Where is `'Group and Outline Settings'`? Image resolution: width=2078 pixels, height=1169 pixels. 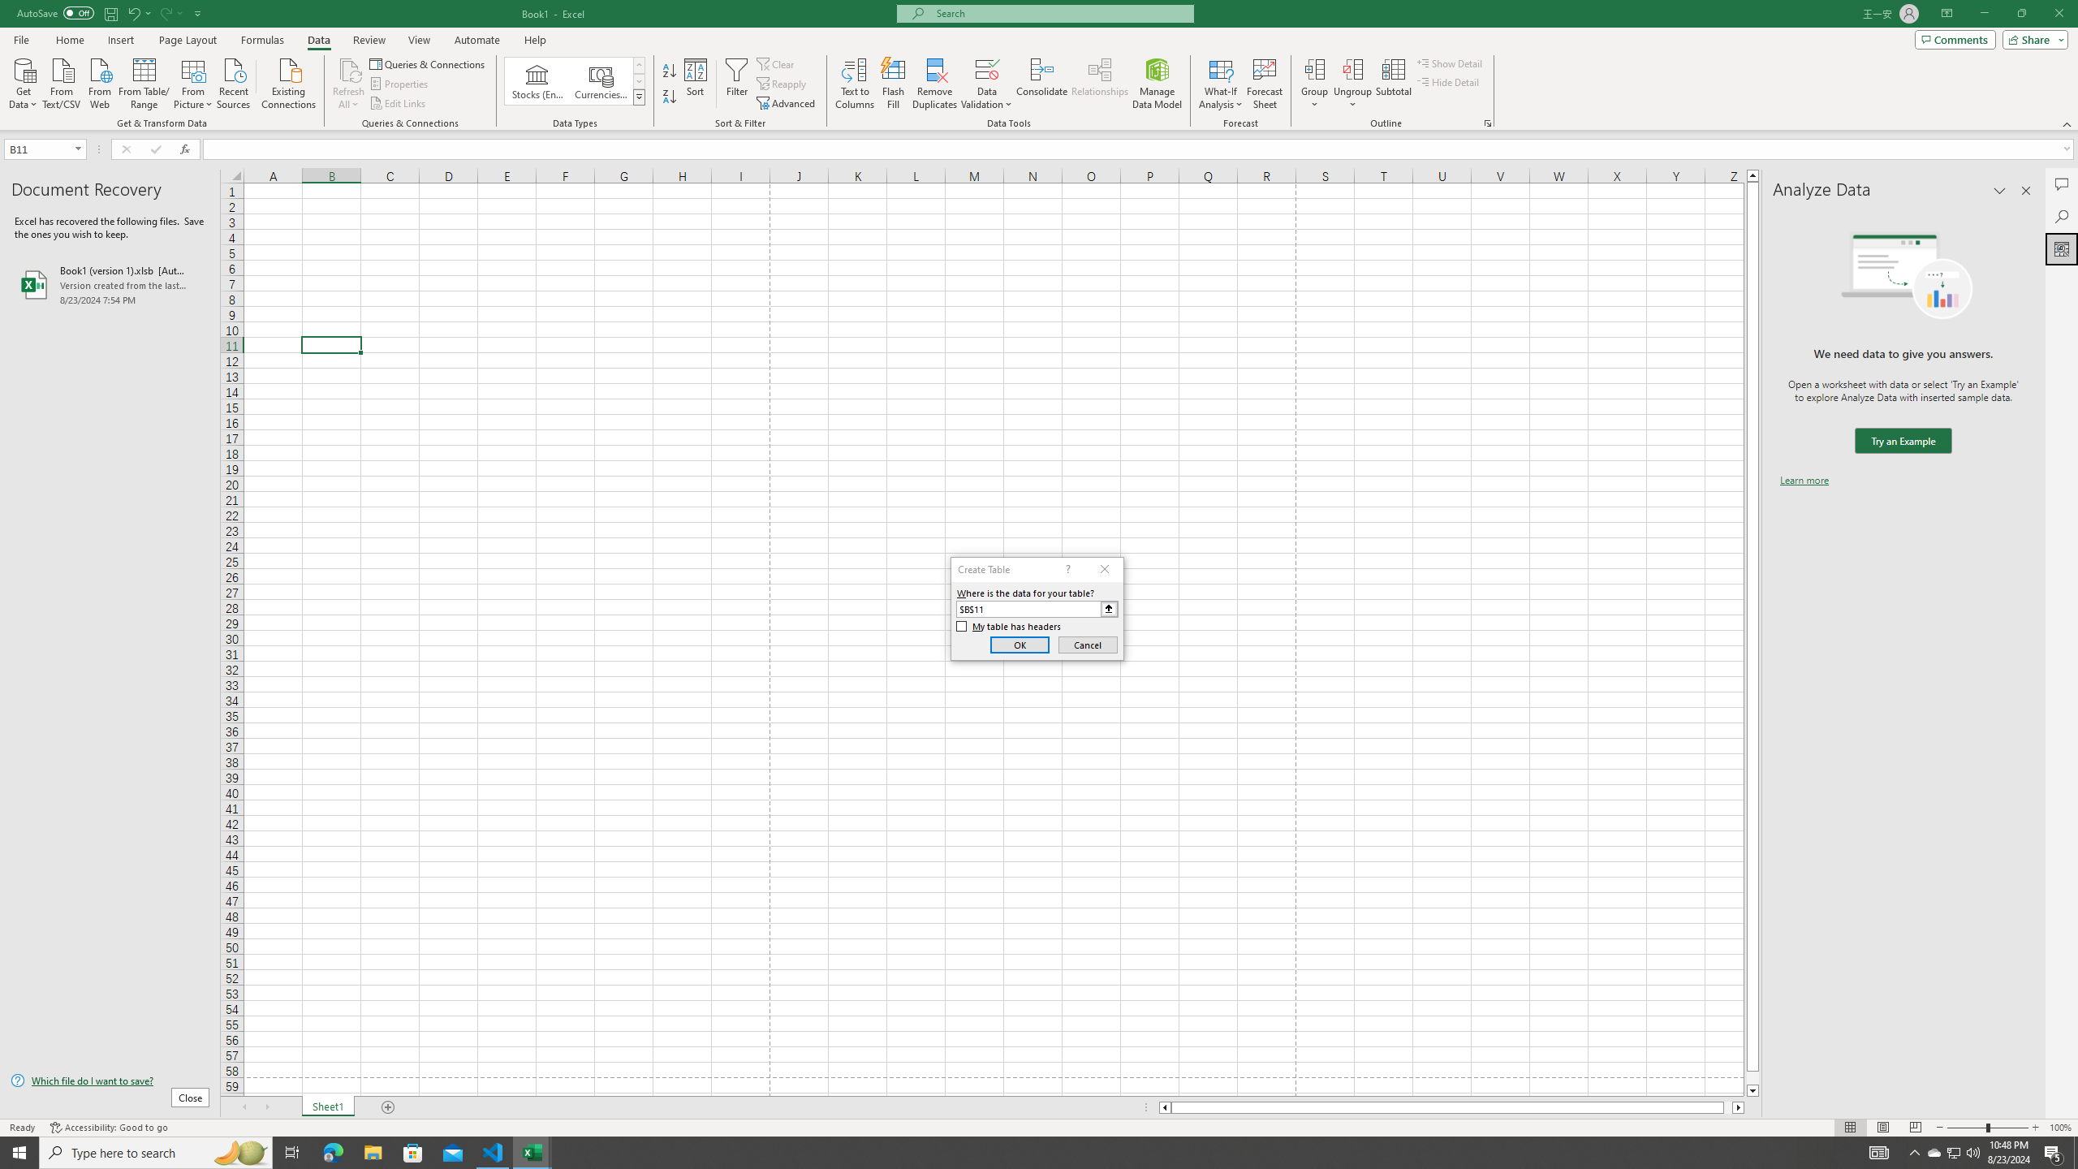
'Group and Outline Settings' is located at coordinates (1486, 122).